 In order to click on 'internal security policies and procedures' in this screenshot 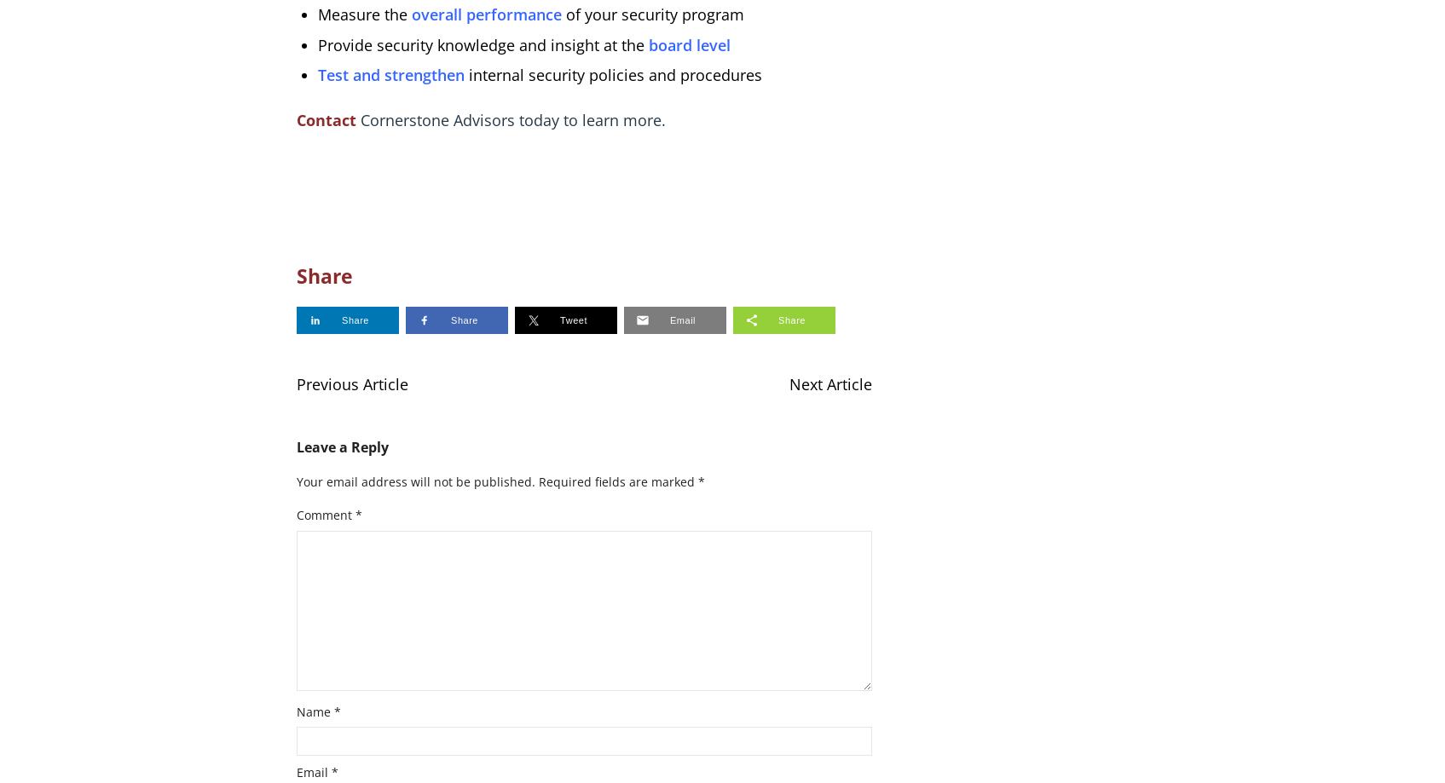, I will do `click(614, 74)`.